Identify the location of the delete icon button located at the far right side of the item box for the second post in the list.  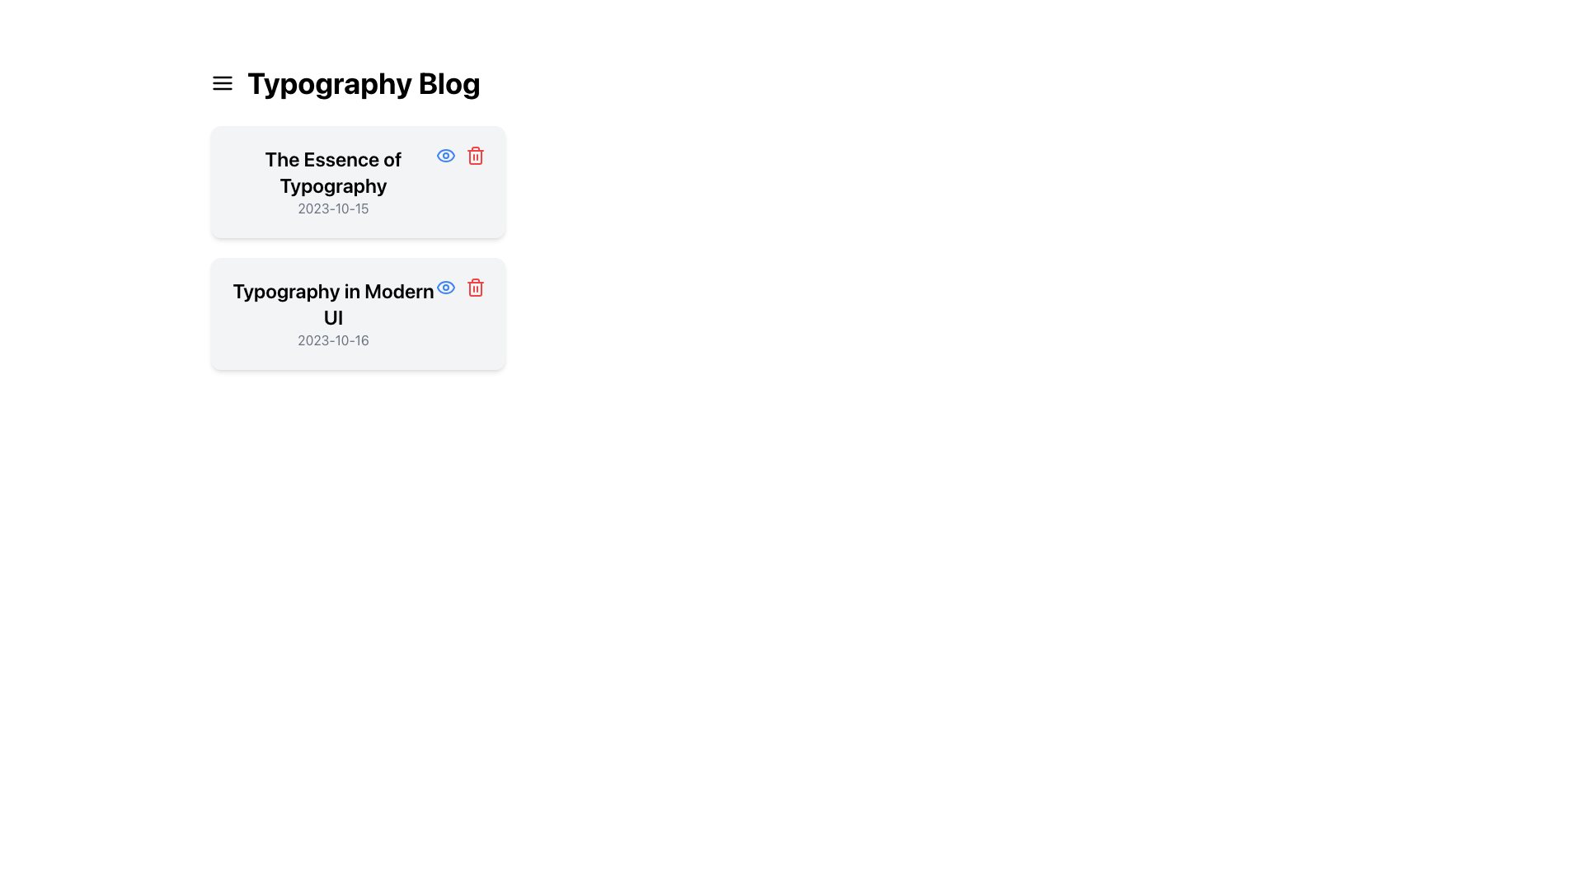
(474, 286).